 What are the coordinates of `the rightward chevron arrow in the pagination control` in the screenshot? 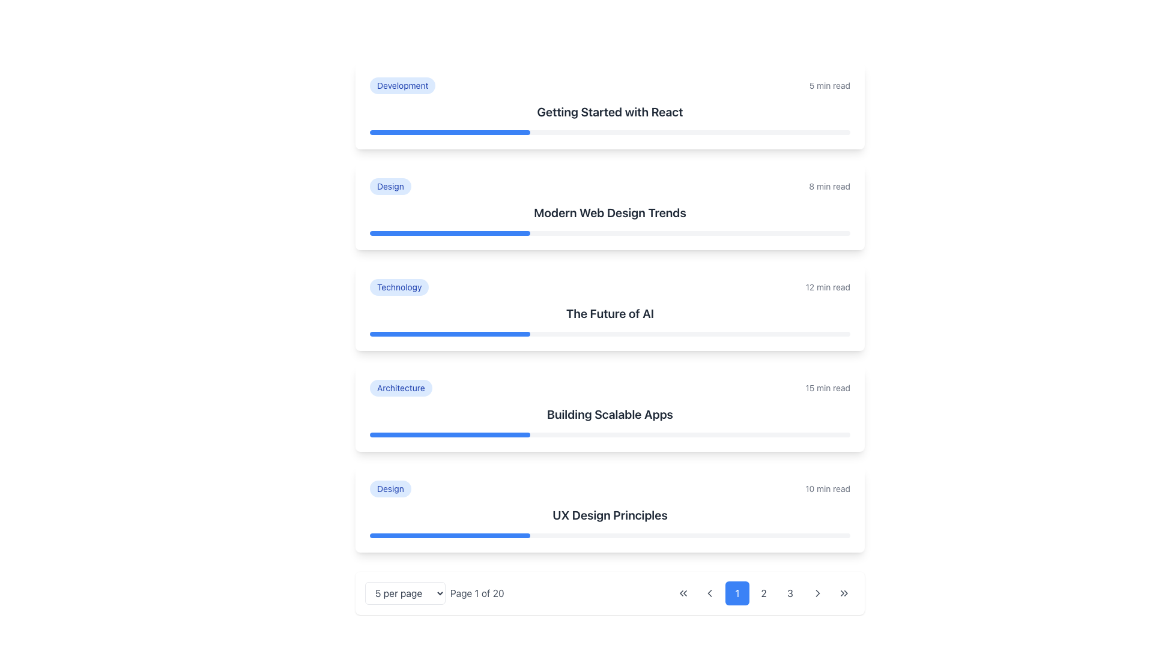 It's located at (817, 592).